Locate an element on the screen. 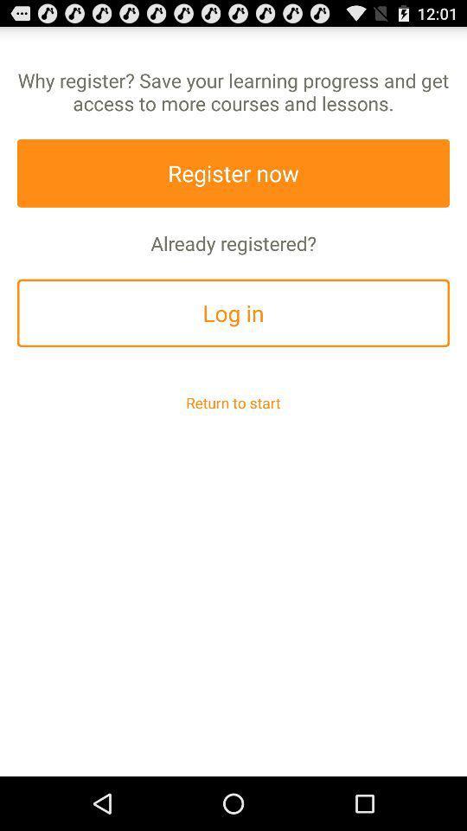  the item above the already registered? is located at coordinates (233, 173).